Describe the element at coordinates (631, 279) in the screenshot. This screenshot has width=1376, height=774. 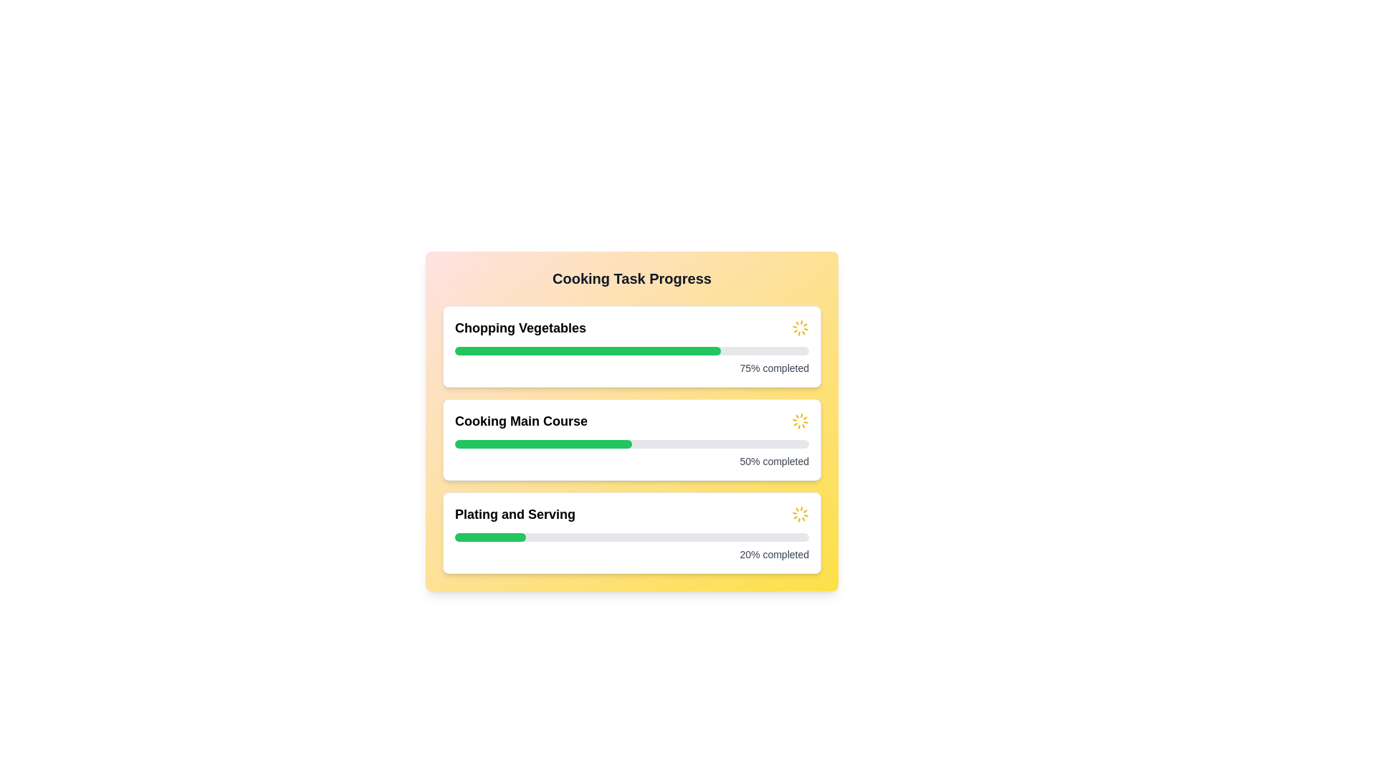
I see `the text label indicating 'Cooking Task Progress', which serves as a section header for the content below` at that location.